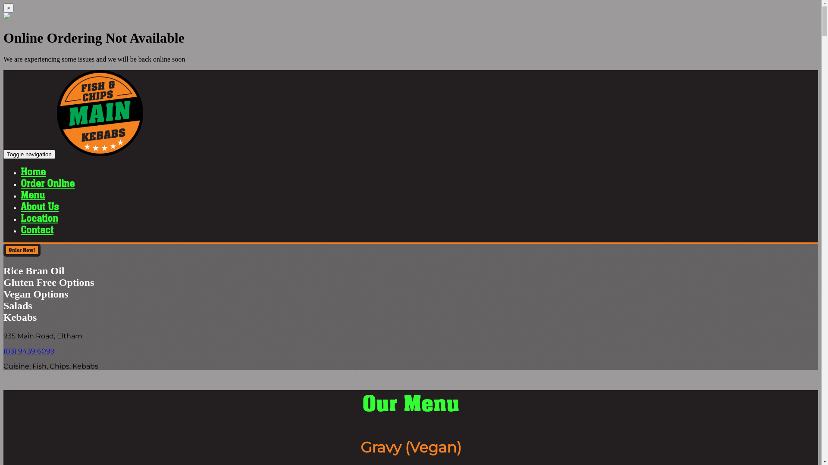 This screenshot has width=828, height=465. Describe the element at coordinates (21, 217) in the screenshot. I see `'Location'` at that location.